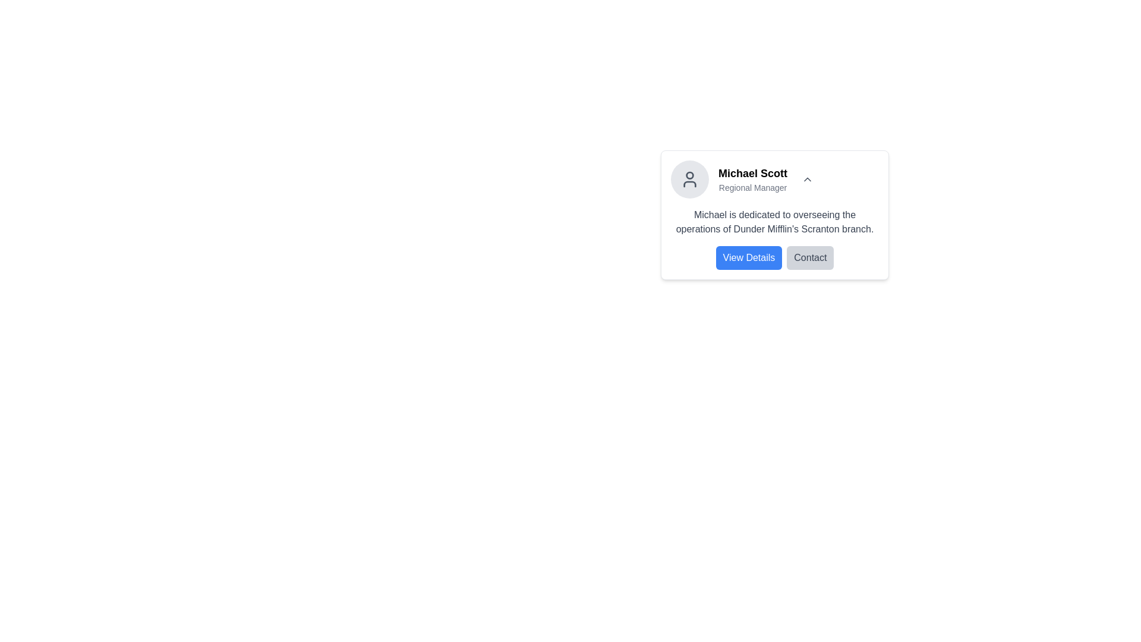  I want to click on the user icon, which is a dark gray profile figure in an outline format, located centrally within a light gray circular background on the profile card interface, so click(690, 179).